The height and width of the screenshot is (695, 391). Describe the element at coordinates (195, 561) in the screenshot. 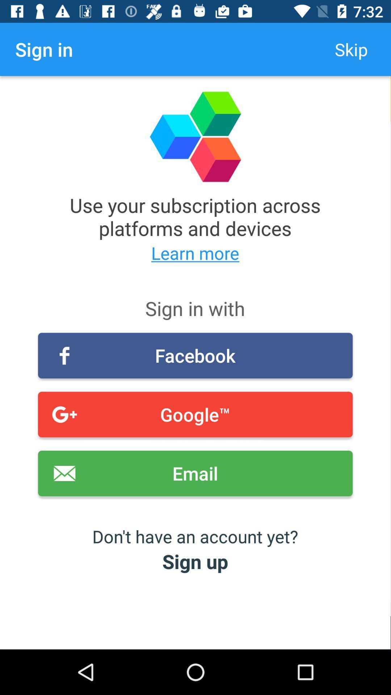

I see `the sign up` at that location.